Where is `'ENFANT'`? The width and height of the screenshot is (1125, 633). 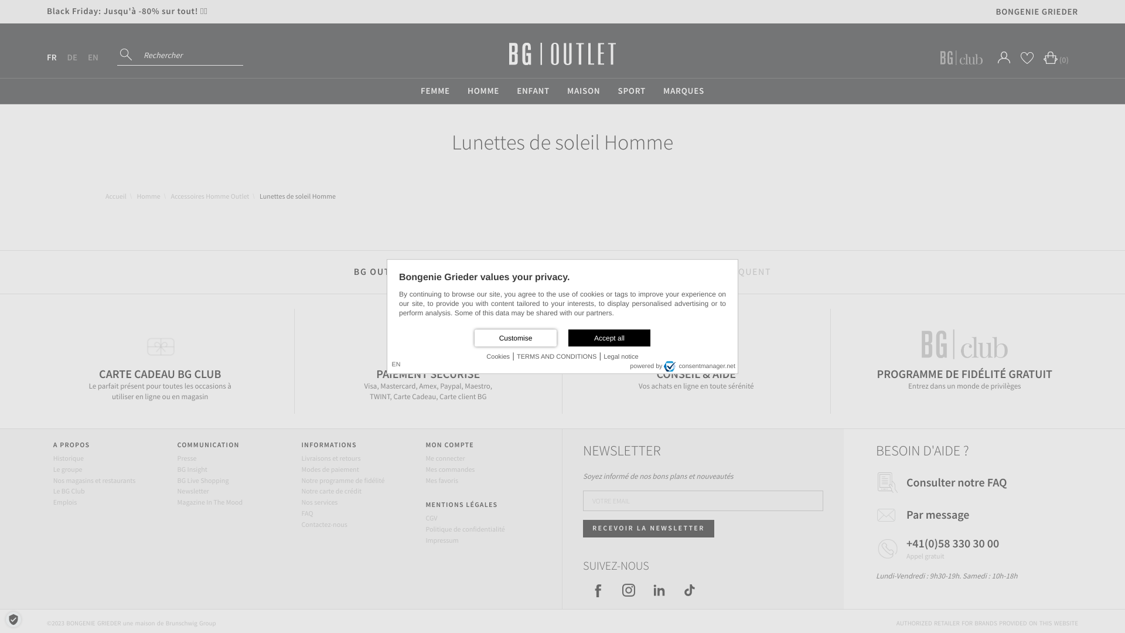 'ENFANT' is located at coordinates (508, 90).